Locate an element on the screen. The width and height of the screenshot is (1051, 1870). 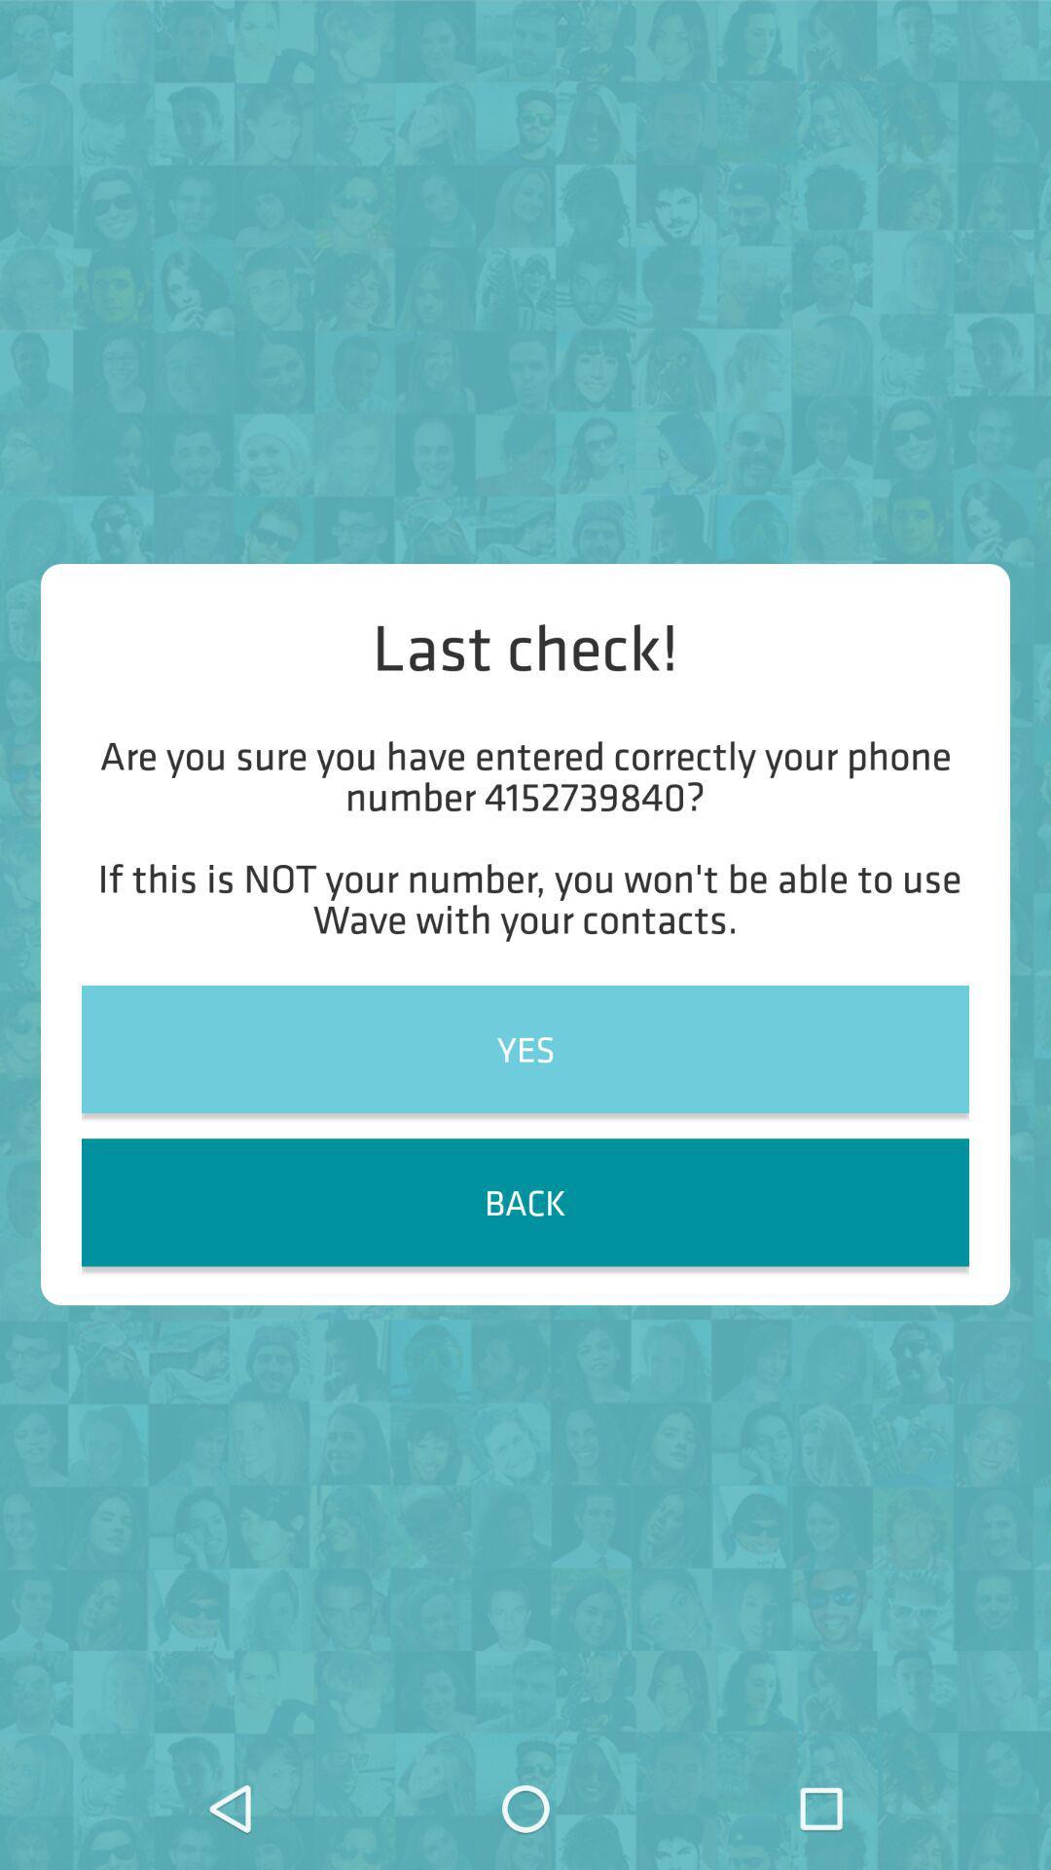
item below yes item is located at coordinates (525, 1201).